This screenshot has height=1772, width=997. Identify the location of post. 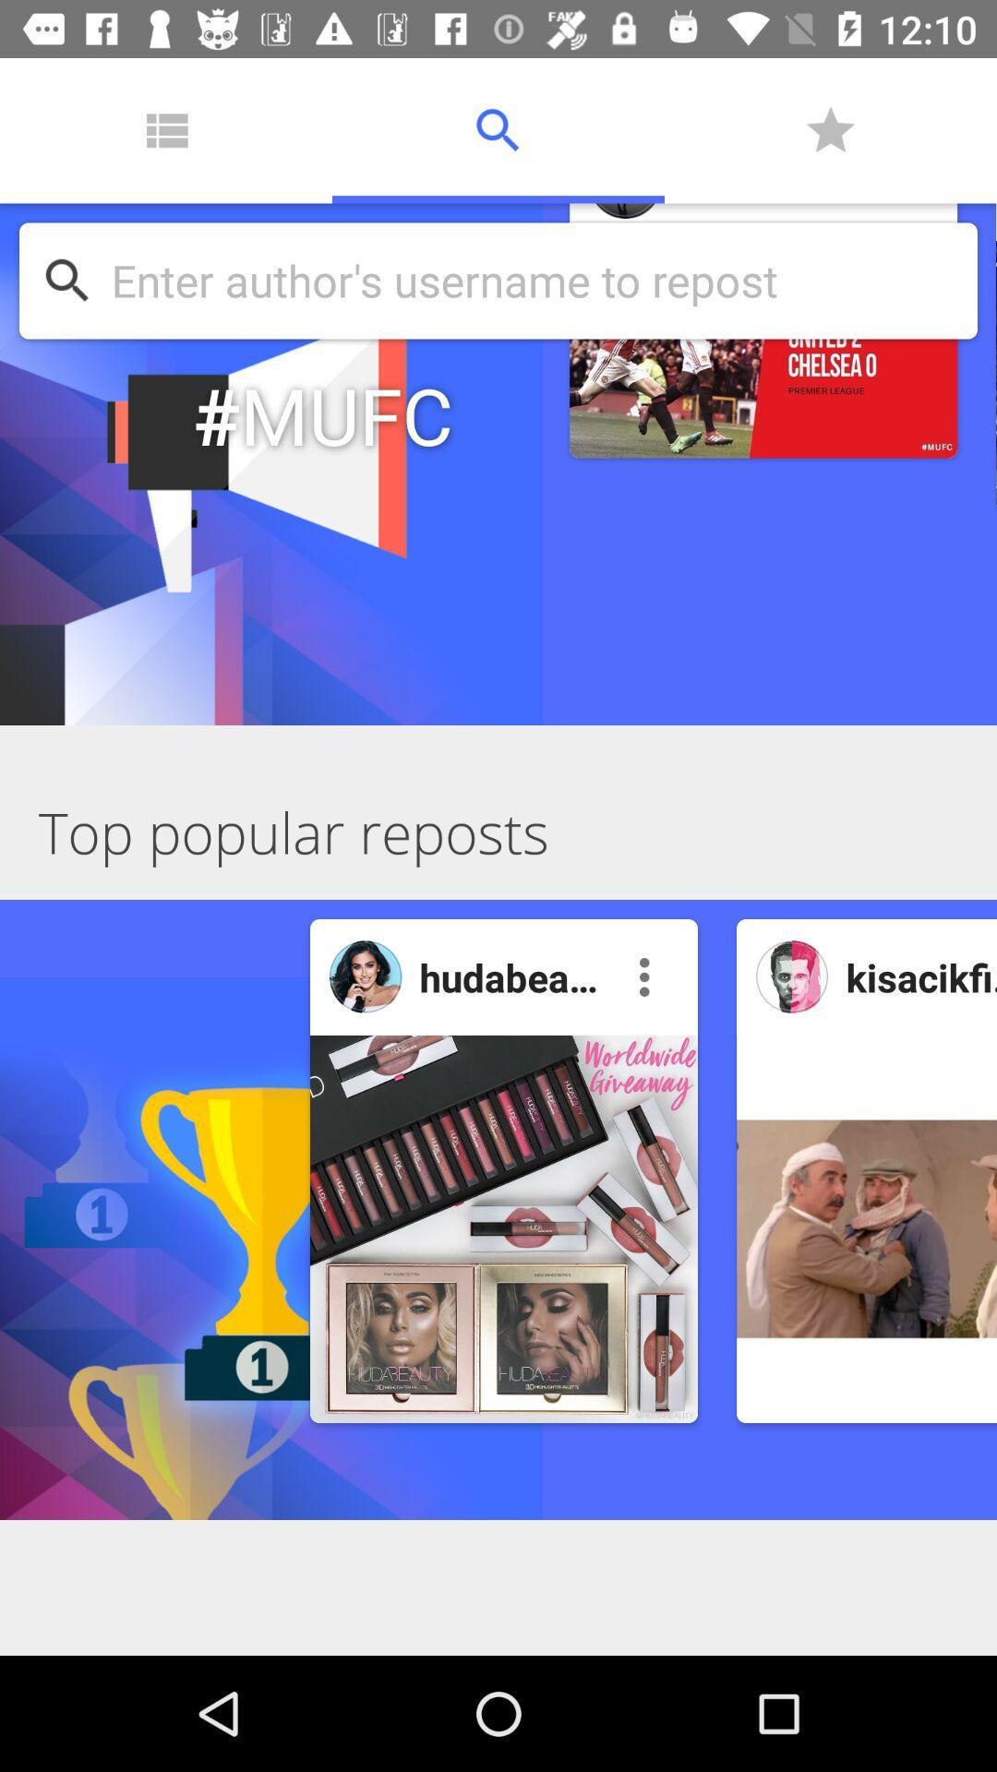
(866, 1228).